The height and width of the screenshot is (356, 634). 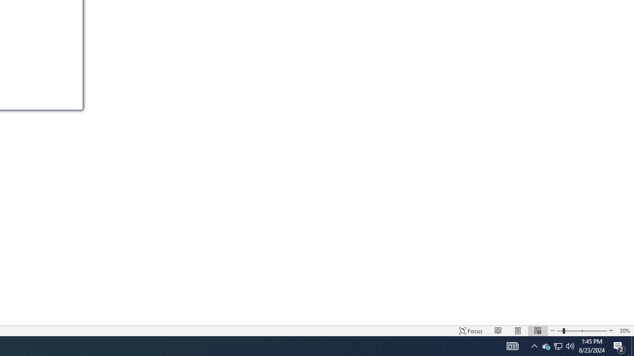 What do you see at coordinates (498, 331) in the screenshot?
I see `'Read Mode'` at bounding box center [498, 331].